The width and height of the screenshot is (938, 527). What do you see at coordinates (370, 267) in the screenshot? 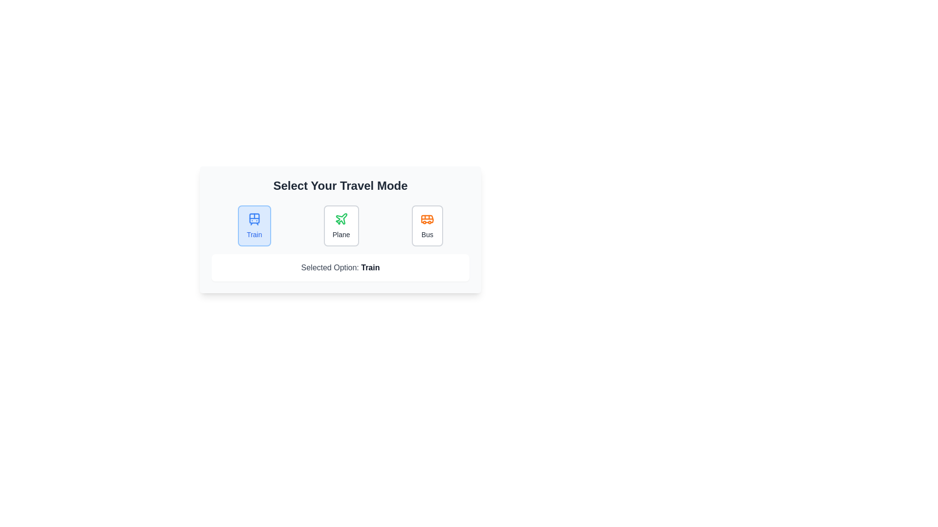
I see `text label that displays the selected travel mode, 'Train', which is located at the end of the sentence 'Selected Option: Train'` at bounding box center [370, 267].